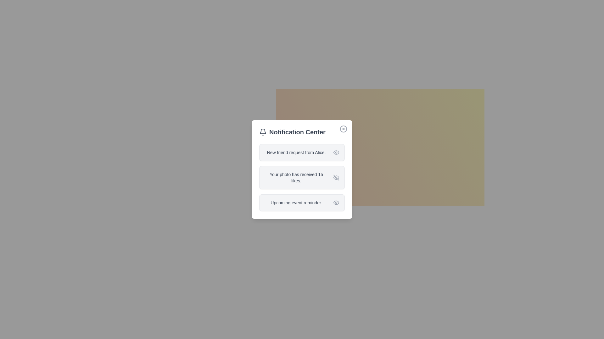 This screenshot has height=339, width=604. What do you see at coordinates (302, 132) in the screenshot?
I see `the title text of the notification center` at bounding box center [302, 132].